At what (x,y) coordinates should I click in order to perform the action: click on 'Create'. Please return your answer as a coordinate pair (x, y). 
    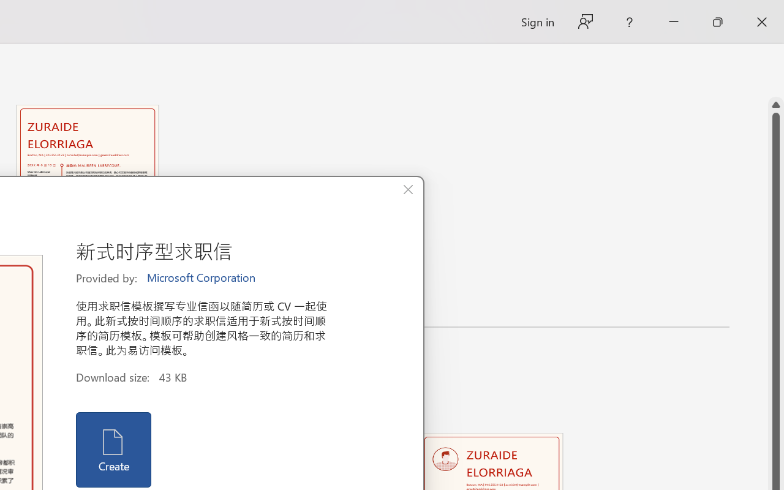
    Looking at the image, I should click on (113, 450).